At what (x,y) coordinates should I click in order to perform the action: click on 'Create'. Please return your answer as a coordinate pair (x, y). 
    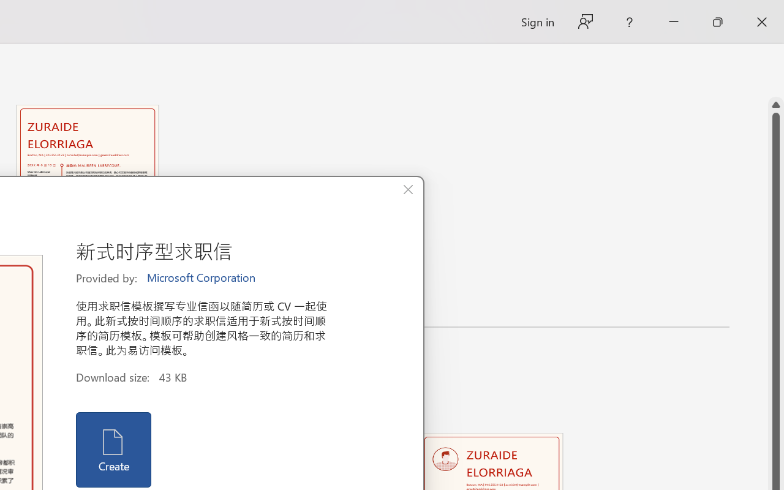
    Looking at the image, I should click on (113, 450).